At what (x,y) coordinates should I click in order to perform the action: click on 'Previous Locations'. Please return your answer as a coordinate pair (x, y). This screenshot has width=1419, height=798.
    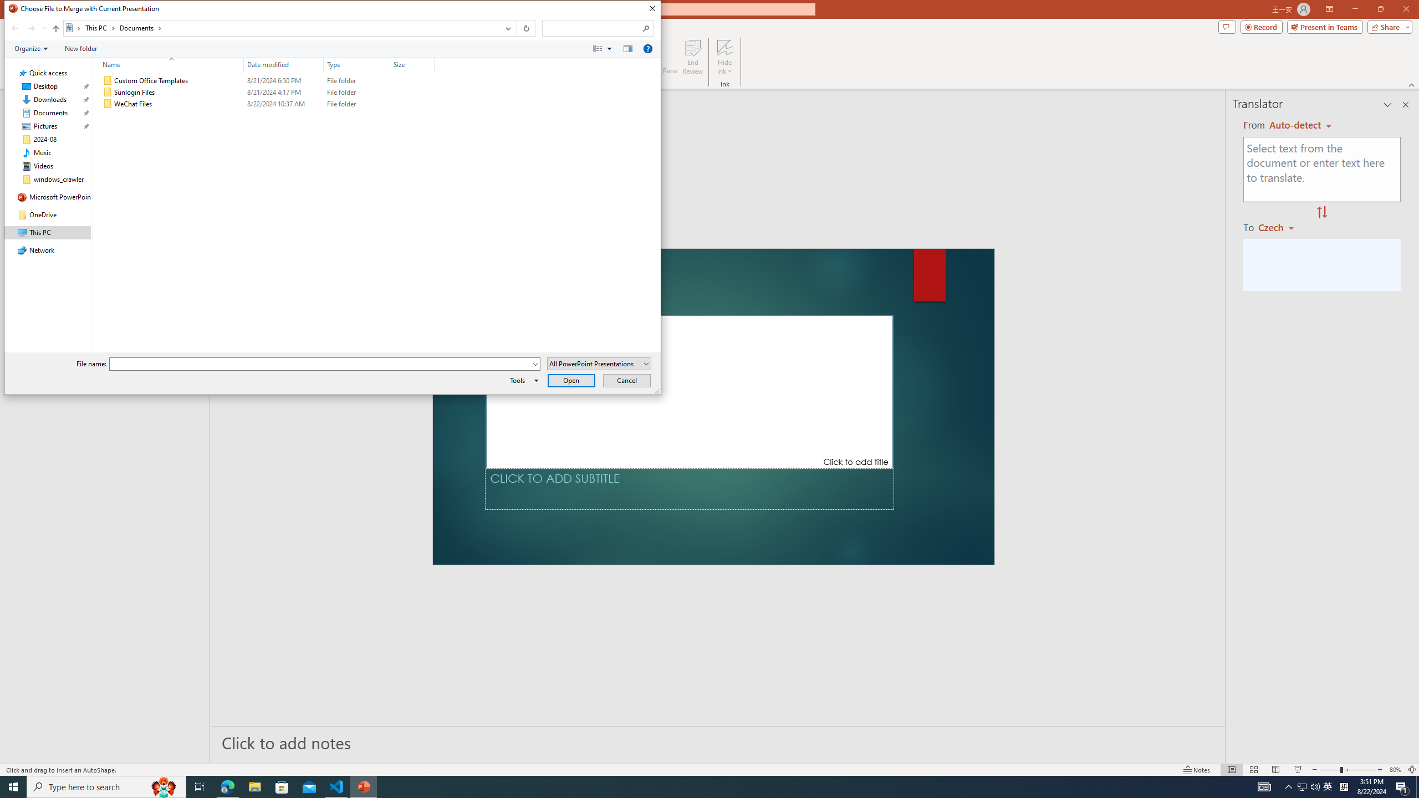
    Looking at the image, I should click on (507, 28).